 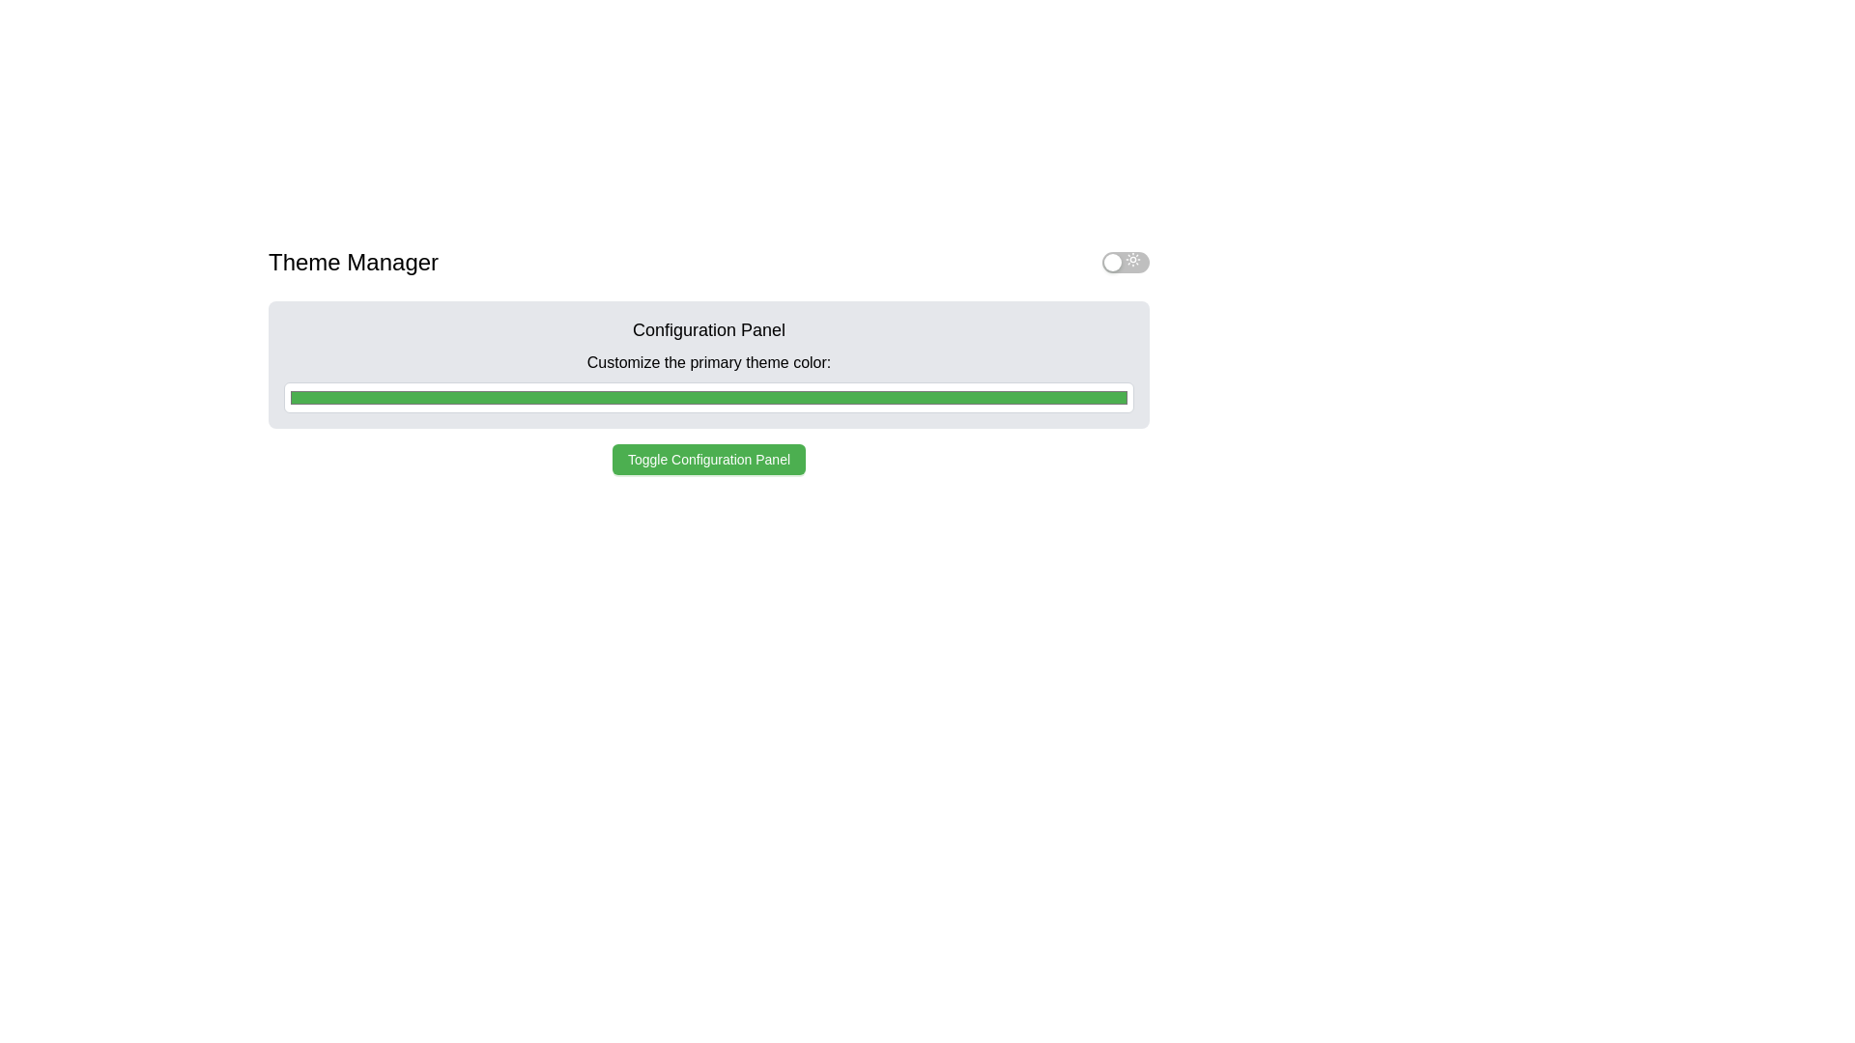 I want to click on the button labeled 'Toggle Configuration Panel', which has a green background and white text, to trigger additional interaction effects, so click(x=708, y=459).